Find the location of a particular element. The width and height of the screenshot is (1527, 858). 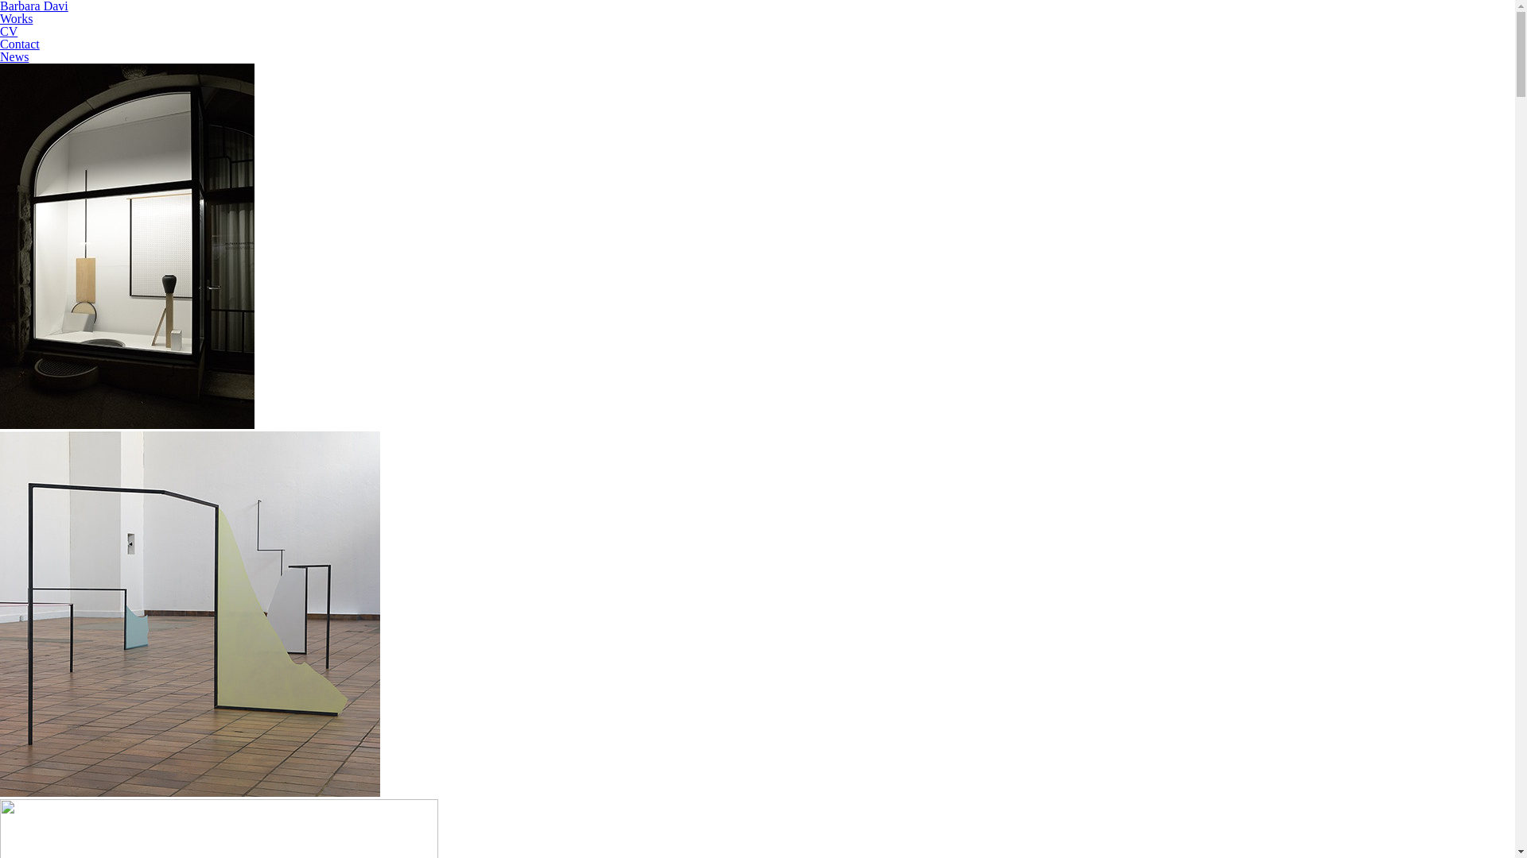

'Works' is located at coordinates (0, 18).